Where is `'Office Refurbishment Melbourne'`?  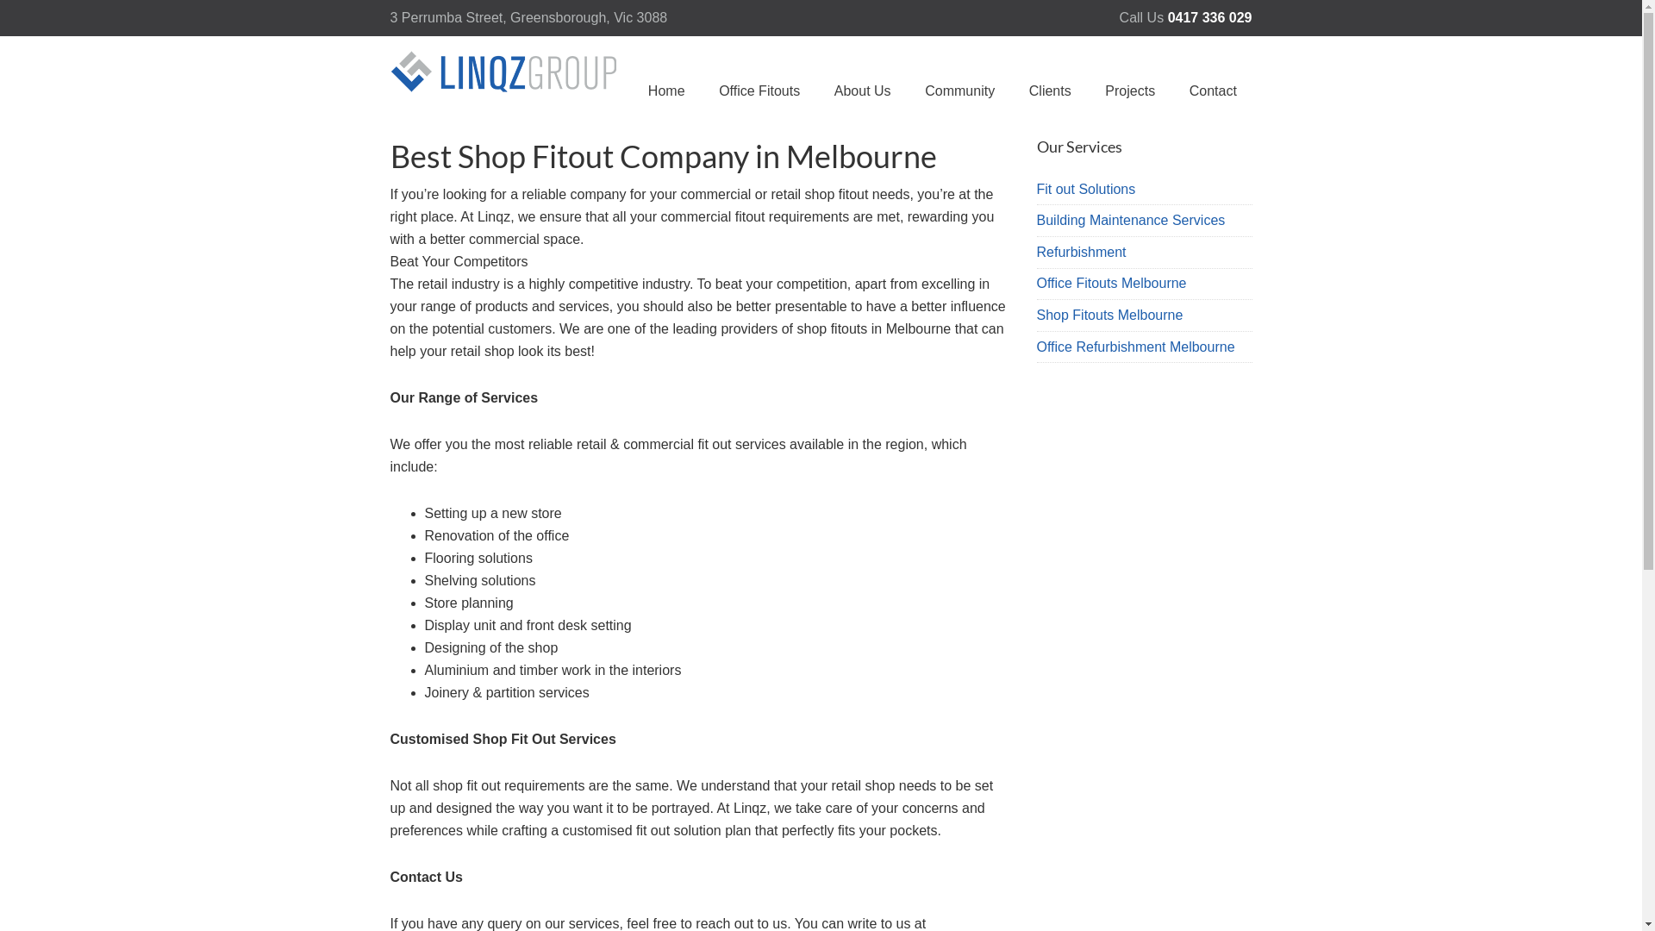
'Office Refurbishment Melbourne' is located at coordinates (1034, 347).